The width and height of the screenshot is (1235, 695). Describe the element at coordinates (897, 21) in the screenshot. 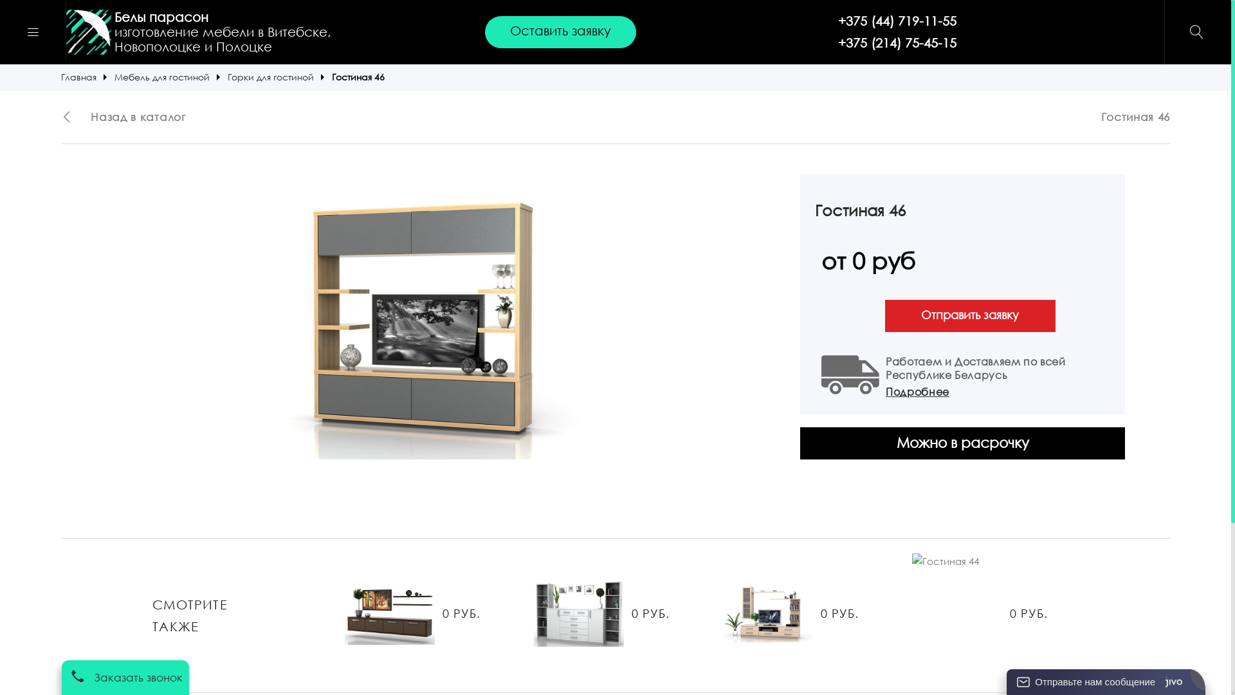

I see `'+375 (44) 719-11-55'` at that location.